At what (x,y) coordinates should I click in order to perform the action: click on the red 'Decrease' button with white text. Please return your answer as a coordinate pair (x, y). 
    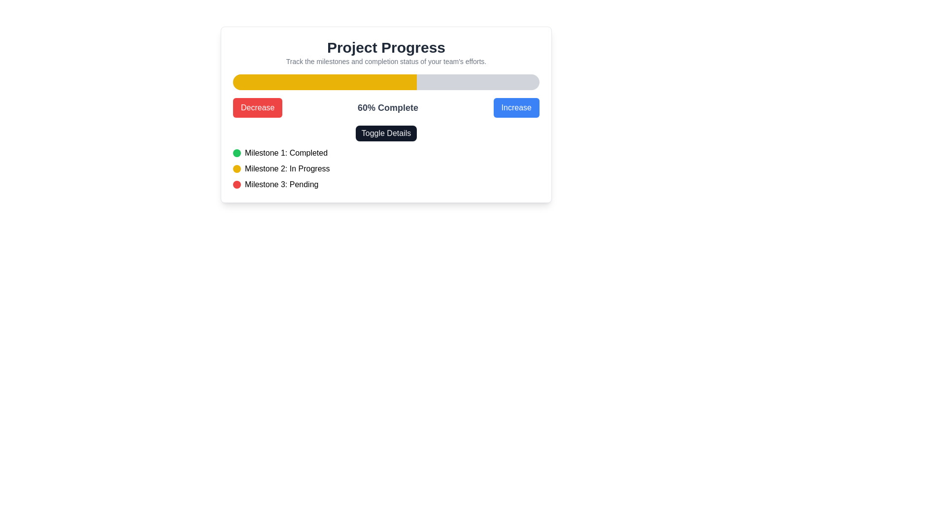
    Looking at the image, I should click on (258, 108).